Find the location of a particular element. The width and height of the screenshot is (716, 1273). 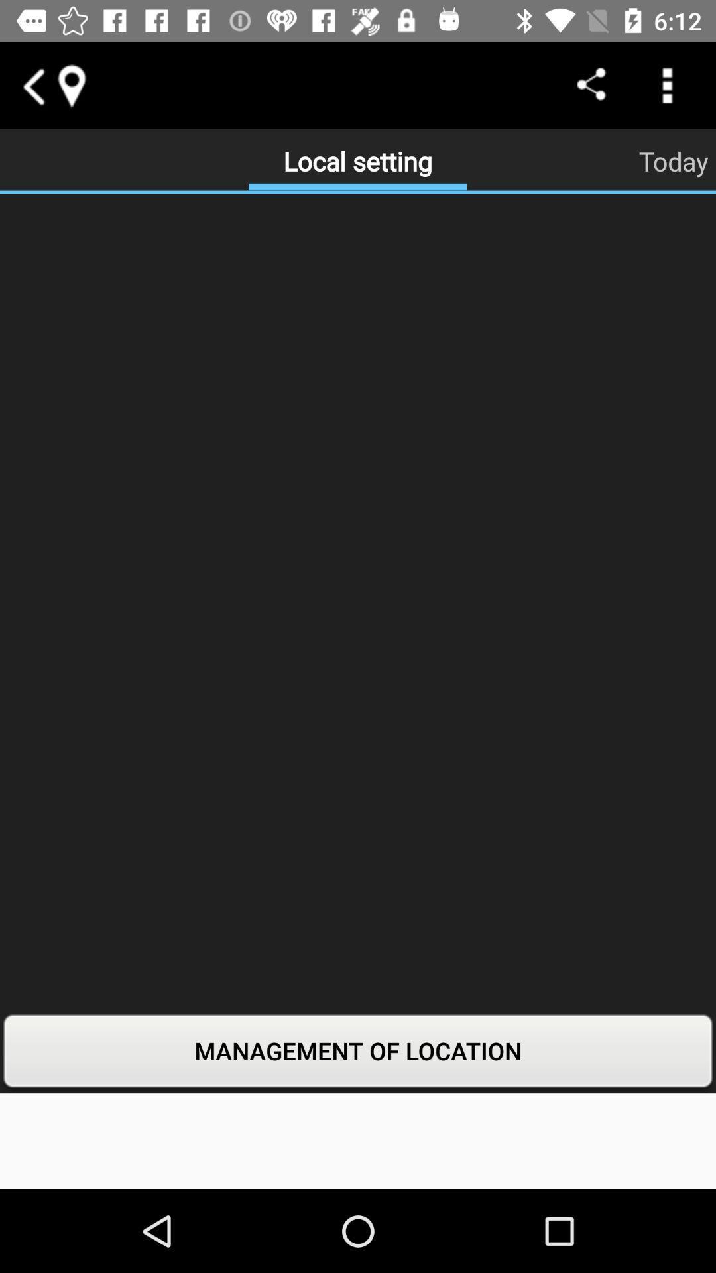

the arrow_backward icon is located at coordinates (32, 84).